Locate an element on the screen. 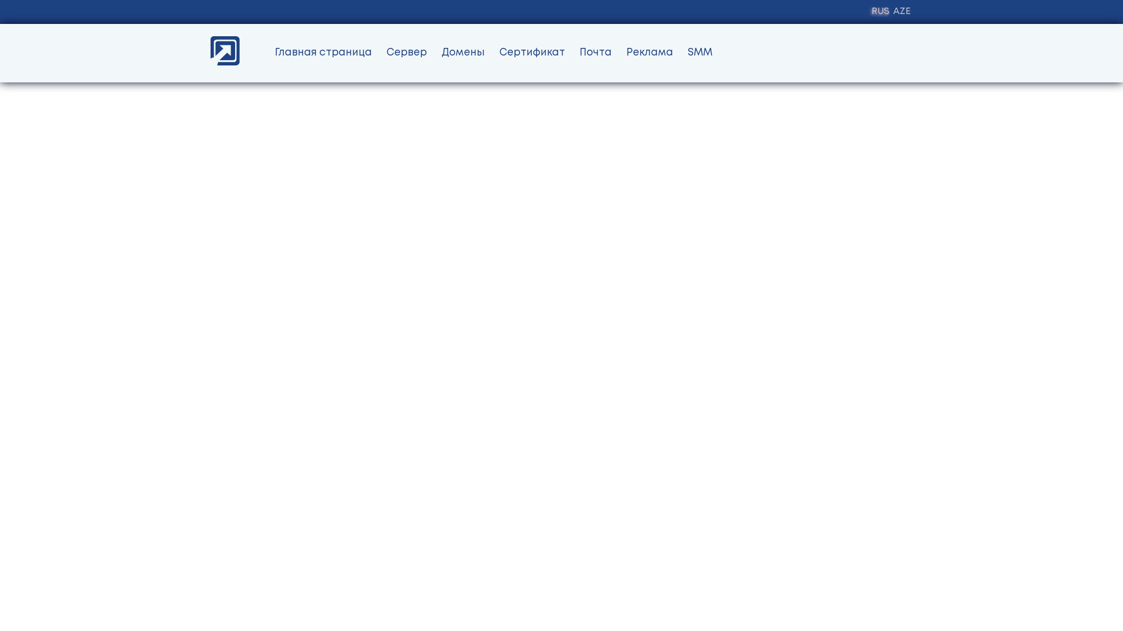 Image resolution: width=1123 pixels, height=631 pixels. 'SMM' is located at coordinates (688, 53).